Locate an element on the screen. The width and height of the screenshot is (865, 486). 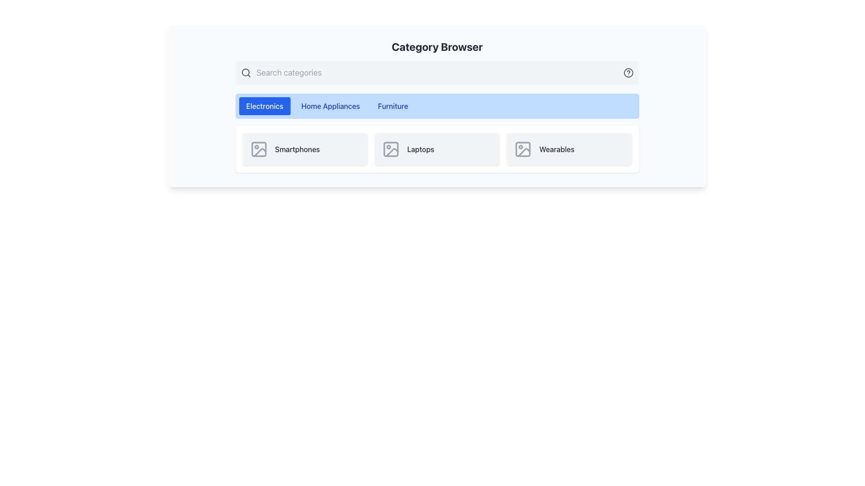
the circular magnifying glass icon located inside the search bar at the top of the interface, next to the placeholder text 'Search categories' is located at coordinates (245, 72).